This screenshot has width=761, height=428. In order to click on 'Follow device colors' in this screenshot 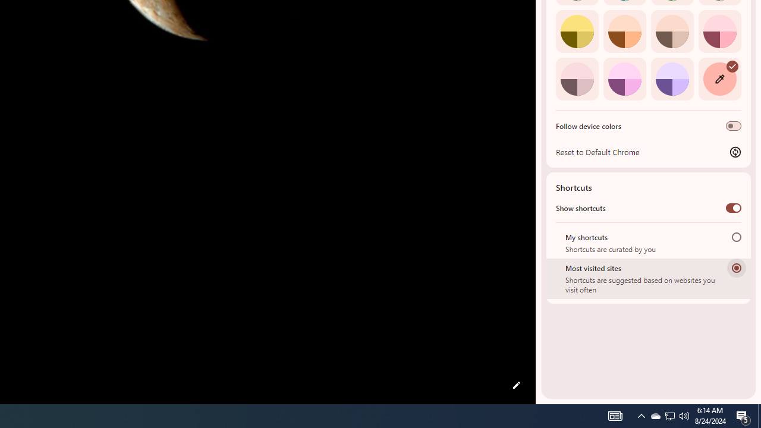, I will do `click(732, 125)`.